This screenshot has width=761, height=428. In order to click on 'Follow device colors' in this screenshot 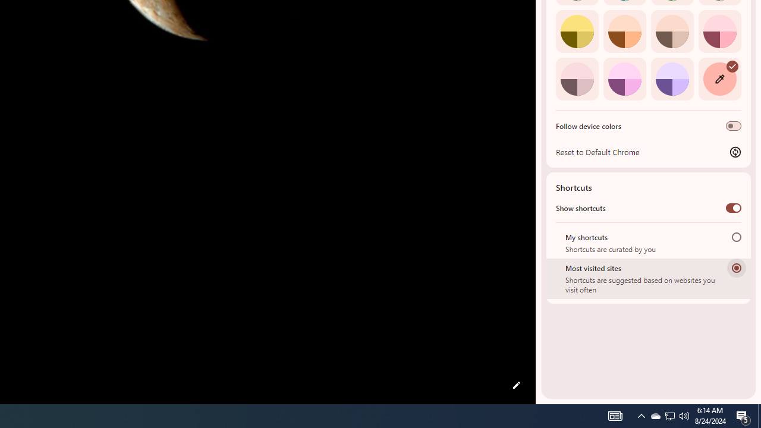, I will do `click(732, 125)`.